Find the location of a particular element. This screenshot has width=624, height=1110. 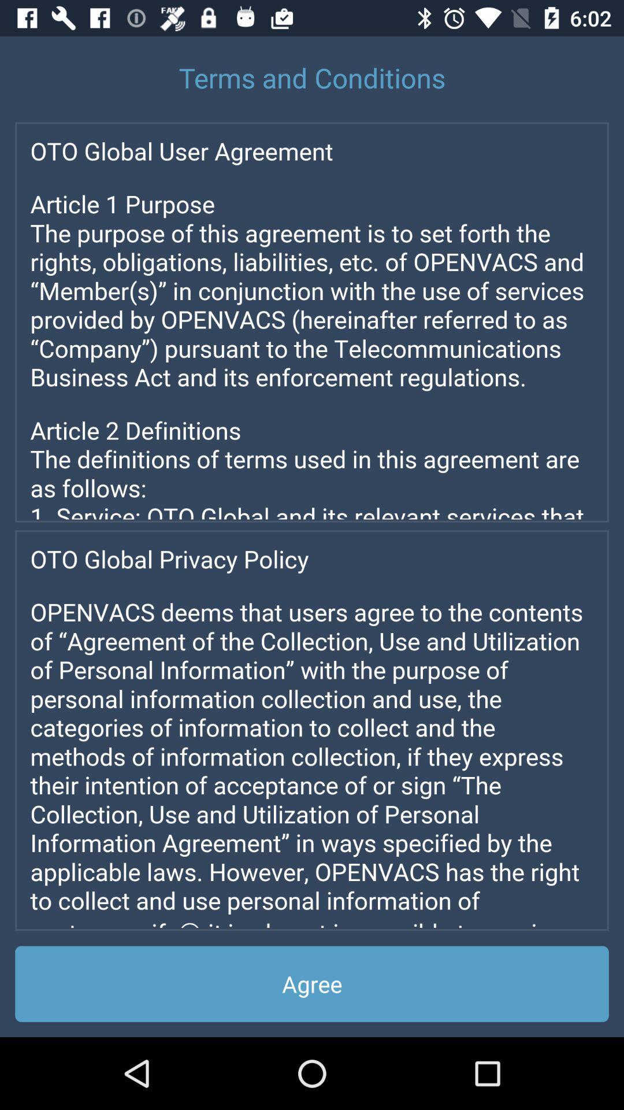

advertisement page is located at coordinates (312, 730).